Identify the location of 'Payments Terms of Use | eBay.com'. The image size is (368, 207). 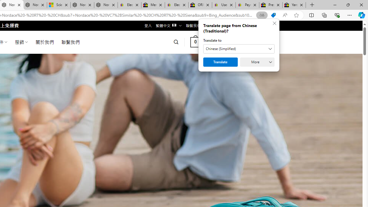
(247, 5).